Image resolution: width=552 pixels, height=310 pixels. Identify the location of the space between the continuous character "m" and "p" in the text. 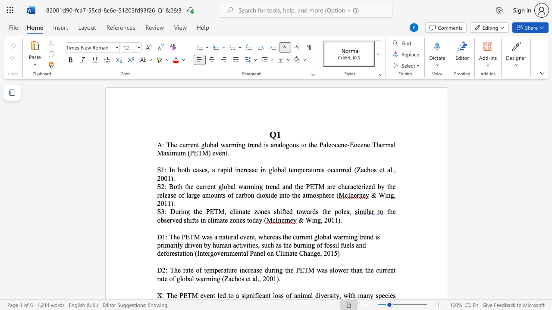
(214, 270).